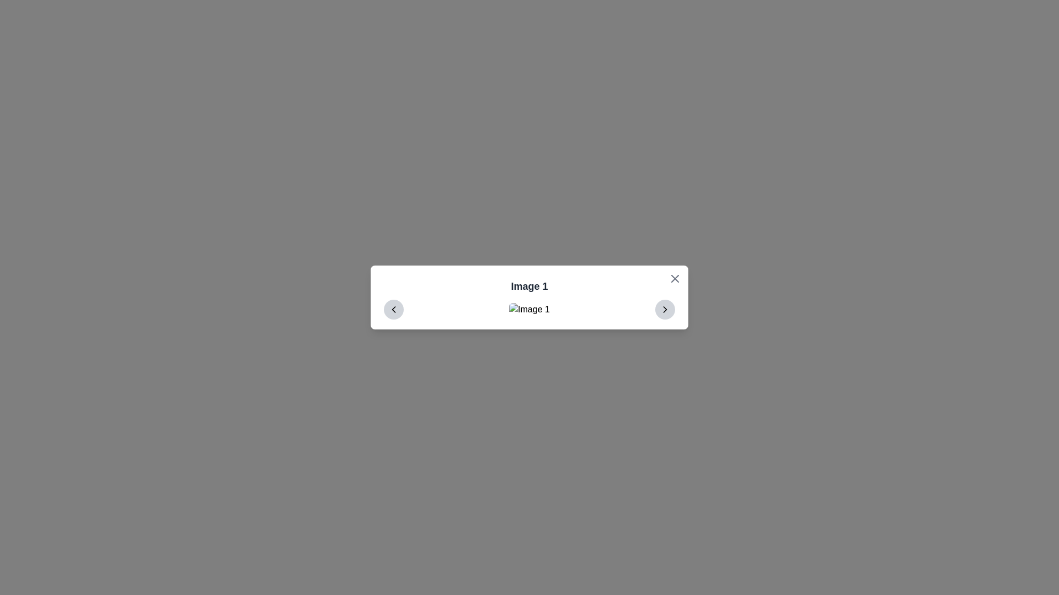 This screenshot has width=1059, height=595. What do you see at coordinates (675, 278) in the screenshot?
I see `close button at the top-right corner of the dialog to close it` at bounding box center [675, 278].